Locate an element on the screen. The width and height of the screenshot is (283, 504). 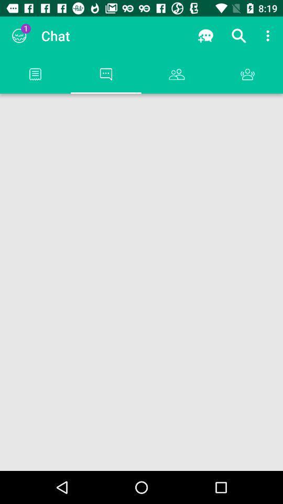
app to the right of the chat is located at coordinates (206, 36).